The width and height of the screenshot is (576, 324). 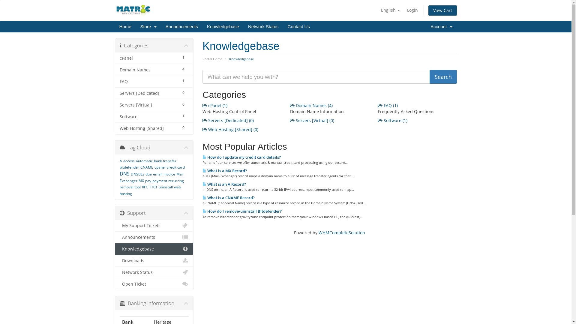 What do you see at coordinates (137, 174) in the screenshot?
I see `'DNSBLs'` at bounding box center [137, 174].